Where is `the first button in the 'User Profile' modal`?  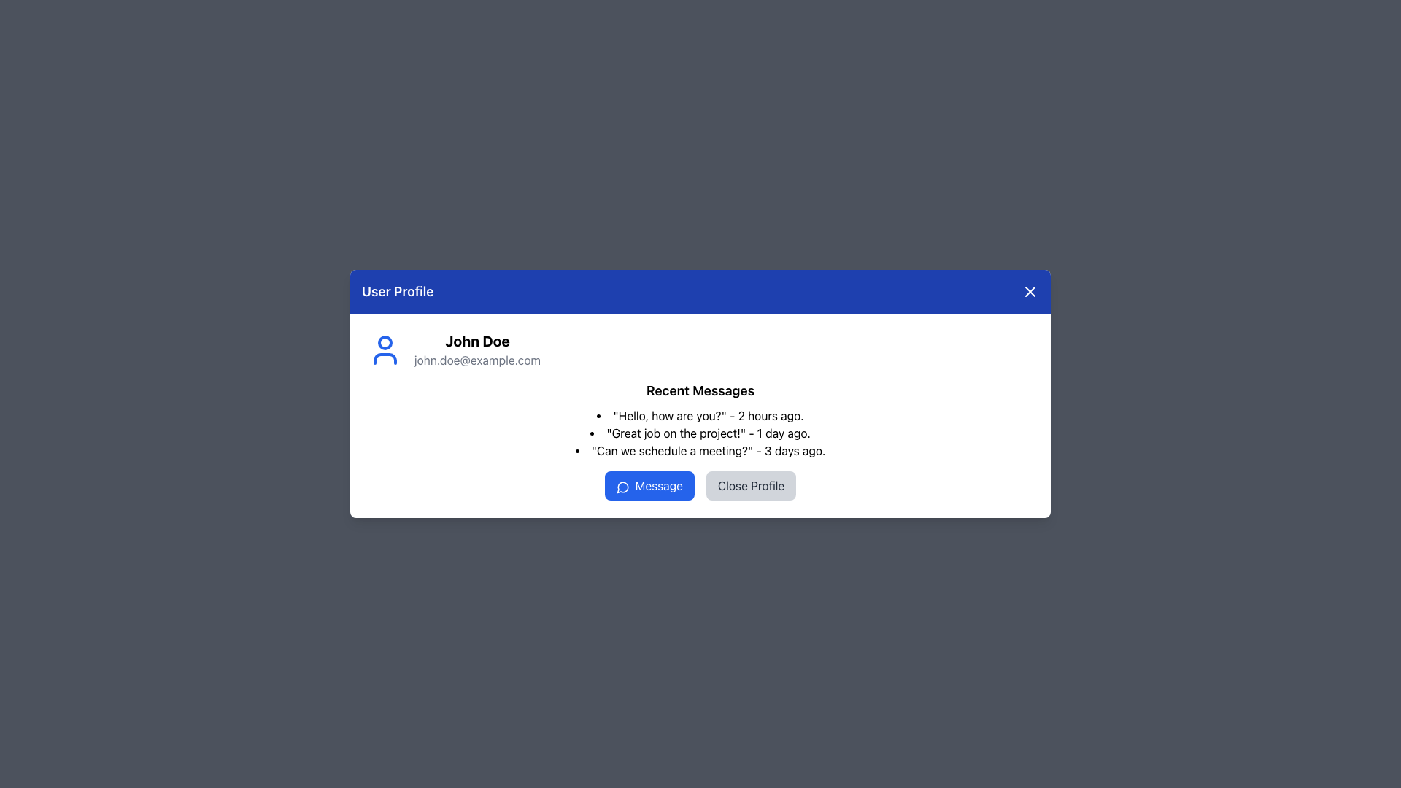 the first button in the 'User Profile' modal is located at coordinates (649, 486).